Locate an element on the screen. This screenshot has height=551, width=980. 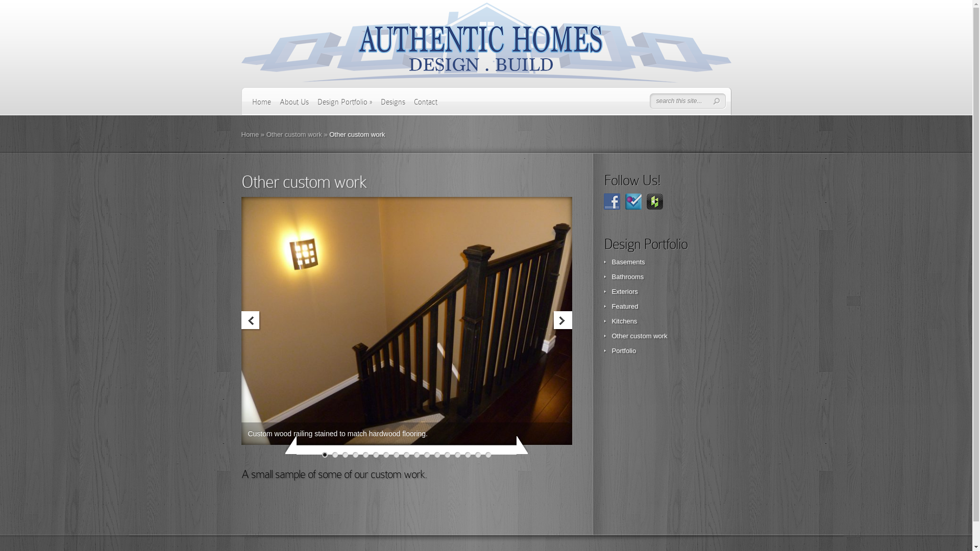
'Follow Us on Foursquare' is located at coordinates (632, 201).